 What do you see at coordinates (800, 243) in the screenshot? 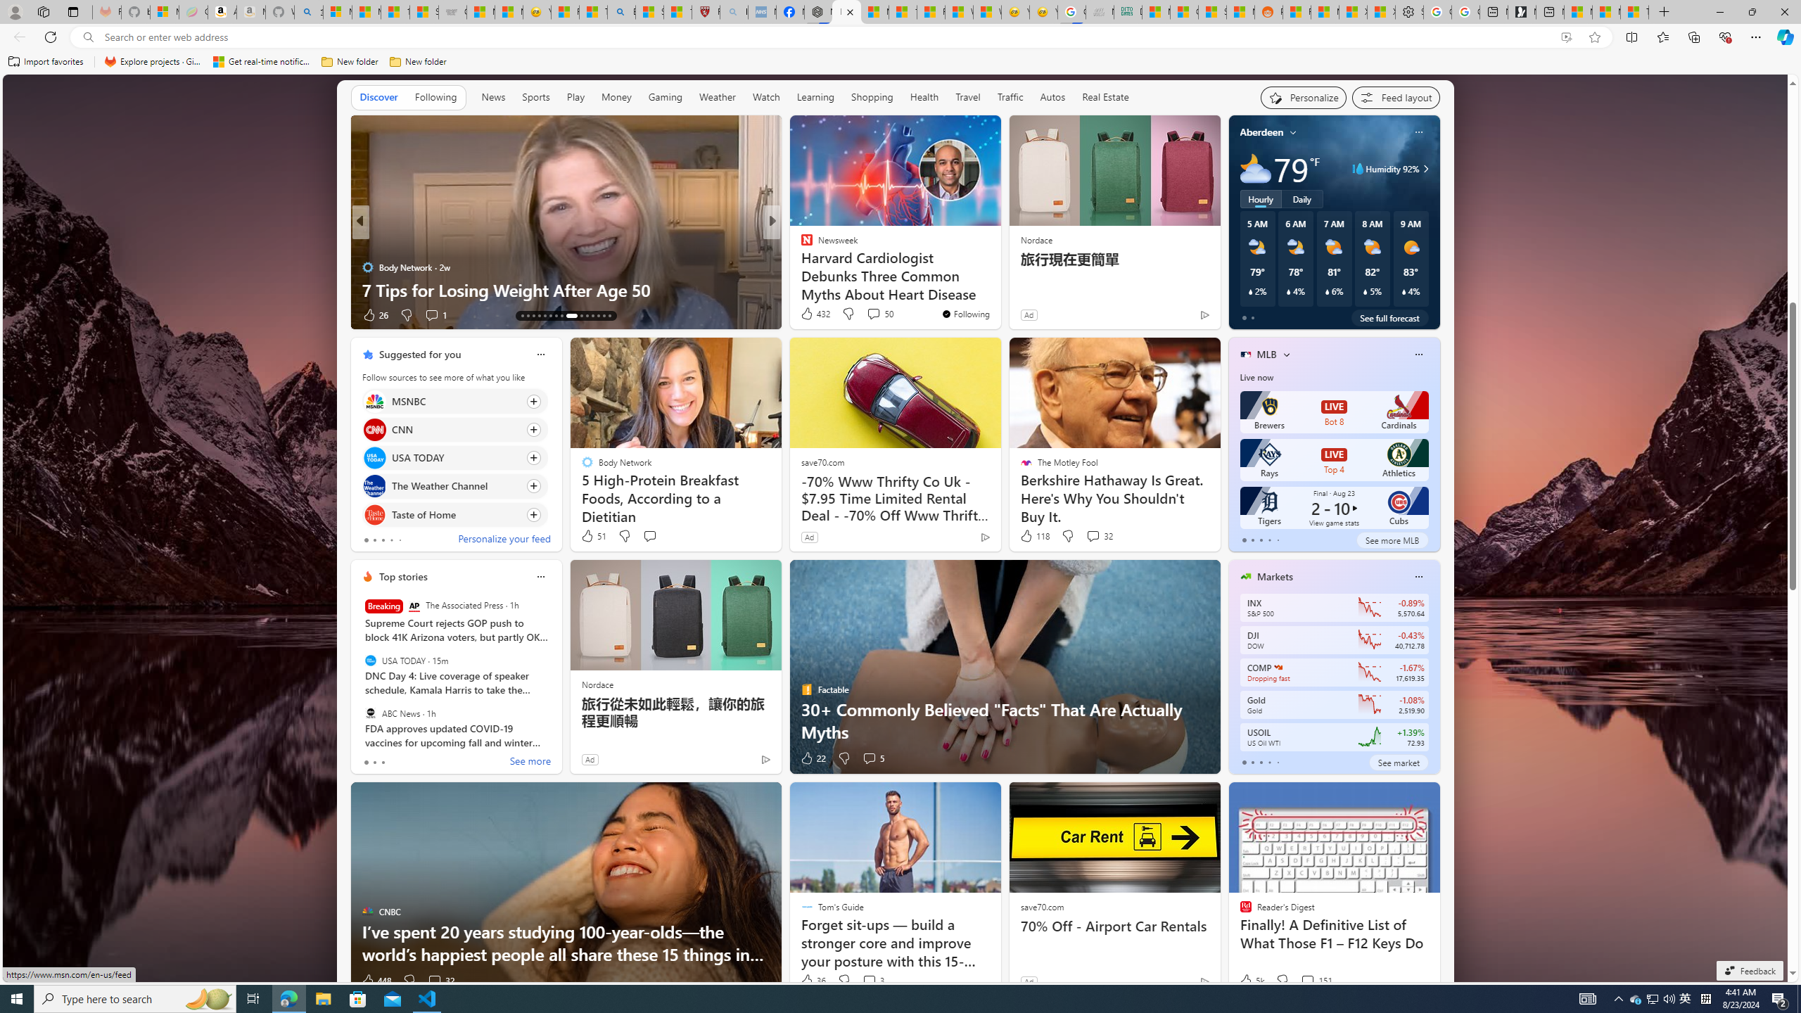
I see `'Moneywise'` at bounding box center [800, 243].